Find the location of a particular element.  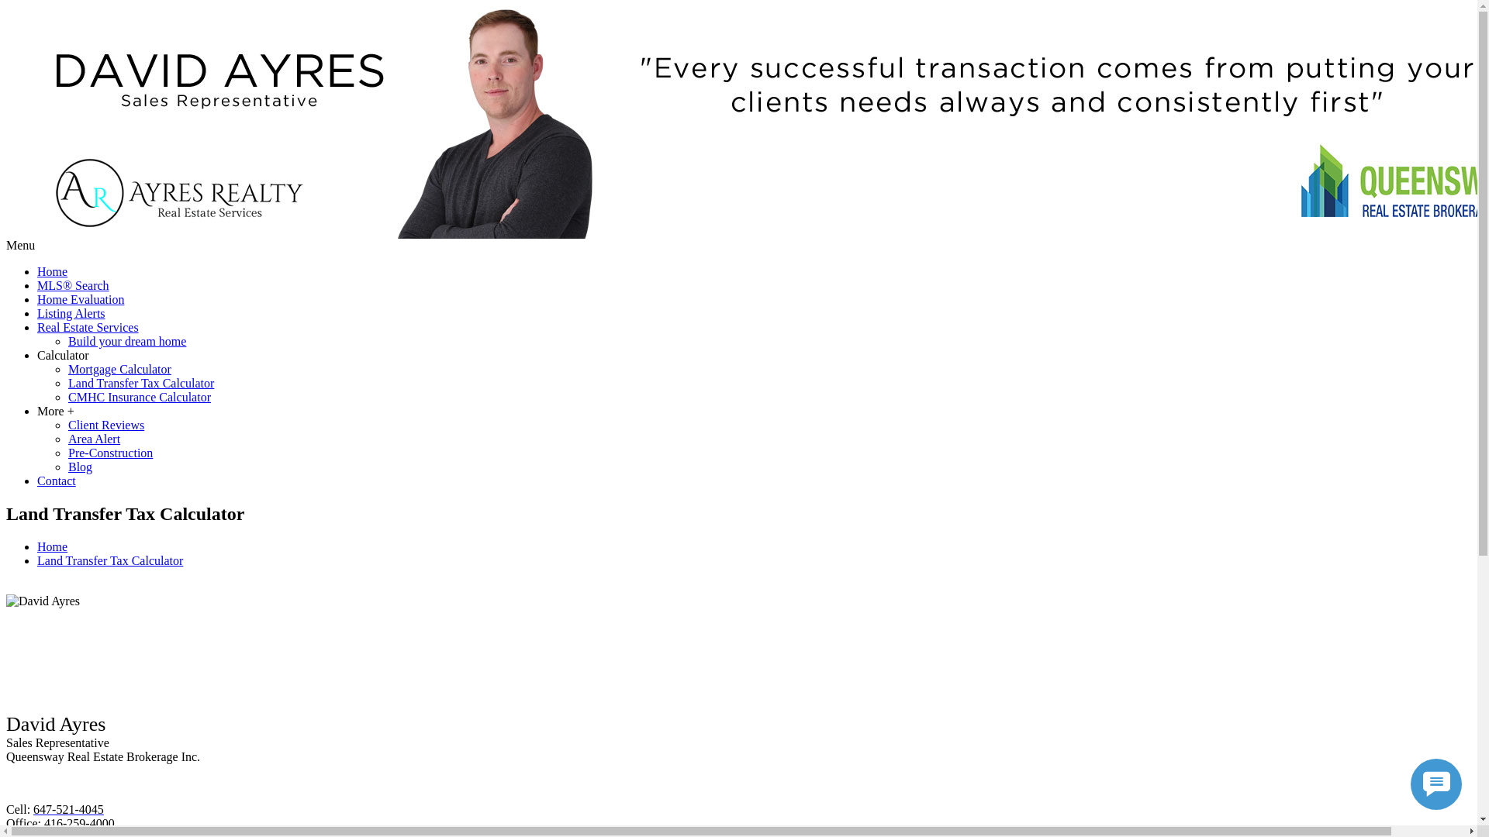

'Build your dream home' is located at coordinates (126, 340).